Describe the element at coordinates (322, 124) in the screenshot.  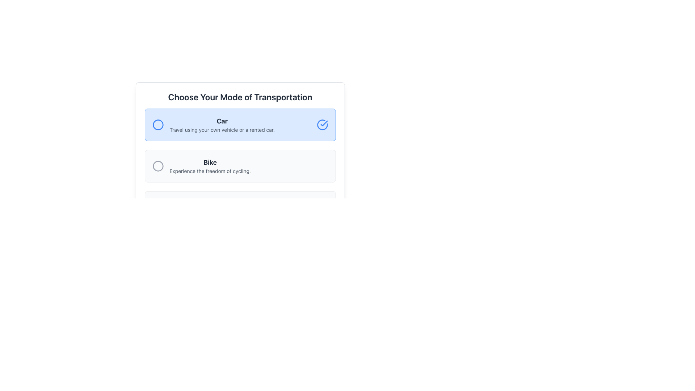
I see `the circular blue icon with a check mark located in the top-right corner of the highlighted area containing the text 'Car'` at that location.